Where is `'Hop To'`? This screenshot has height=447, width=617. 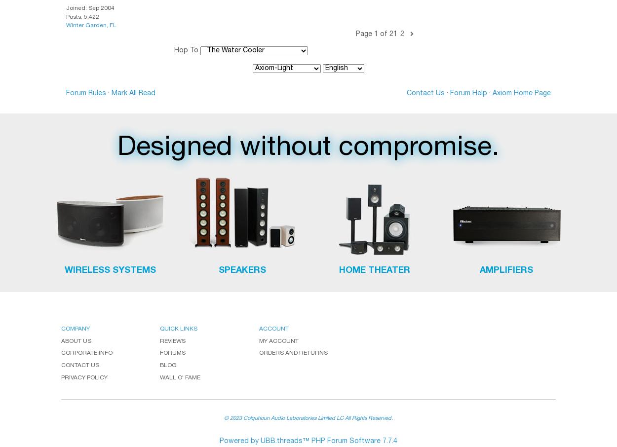 'Hop To' is located at coordinates (186, 50).